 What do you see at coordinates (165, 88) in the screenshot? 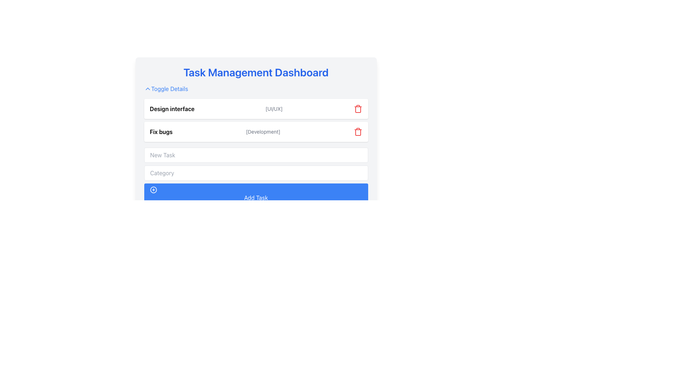
I see `the 'Toggle Details' button, which is styled in blue font and has an upward-pointing chevron icon to its left, located in the 'Task Management Dashboard' card` at bounding box center [165, 88].